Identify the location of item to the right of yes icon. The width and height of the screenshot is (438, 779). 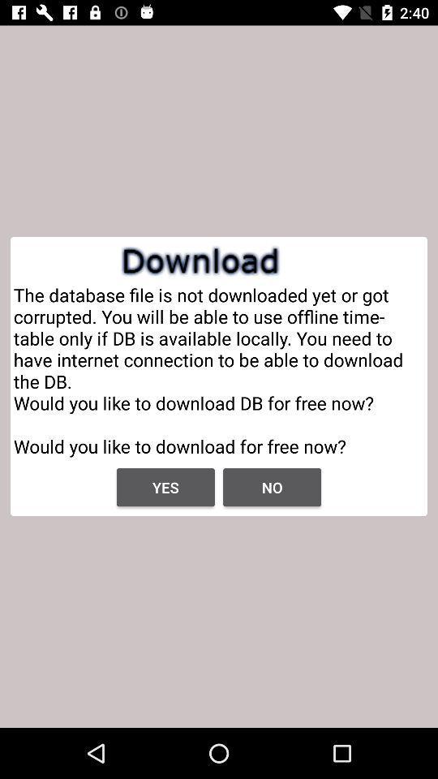
(272, 487).